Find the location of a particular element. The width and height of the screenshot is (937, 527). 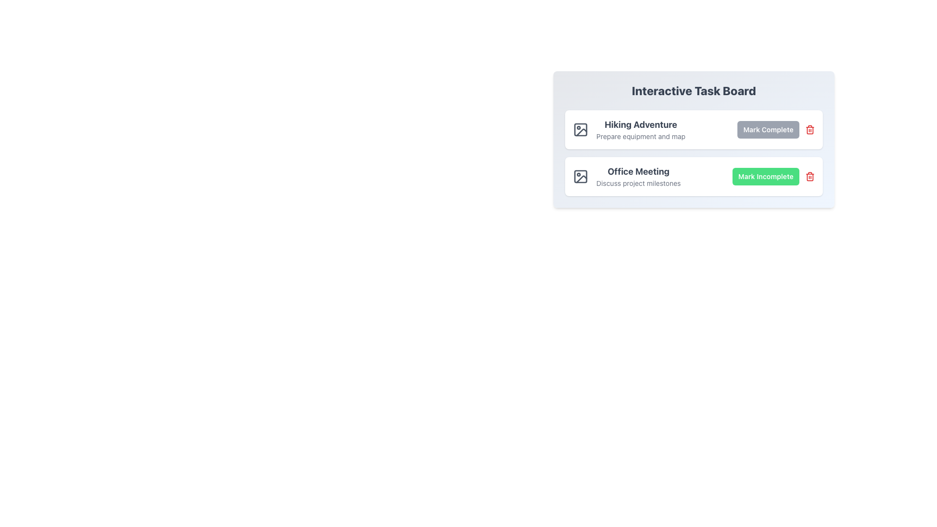

the icon depicting an image placeholder located to the left of the text 'Hiking Adventure' in the first task row of the task board is located at coordinates (581, 129).